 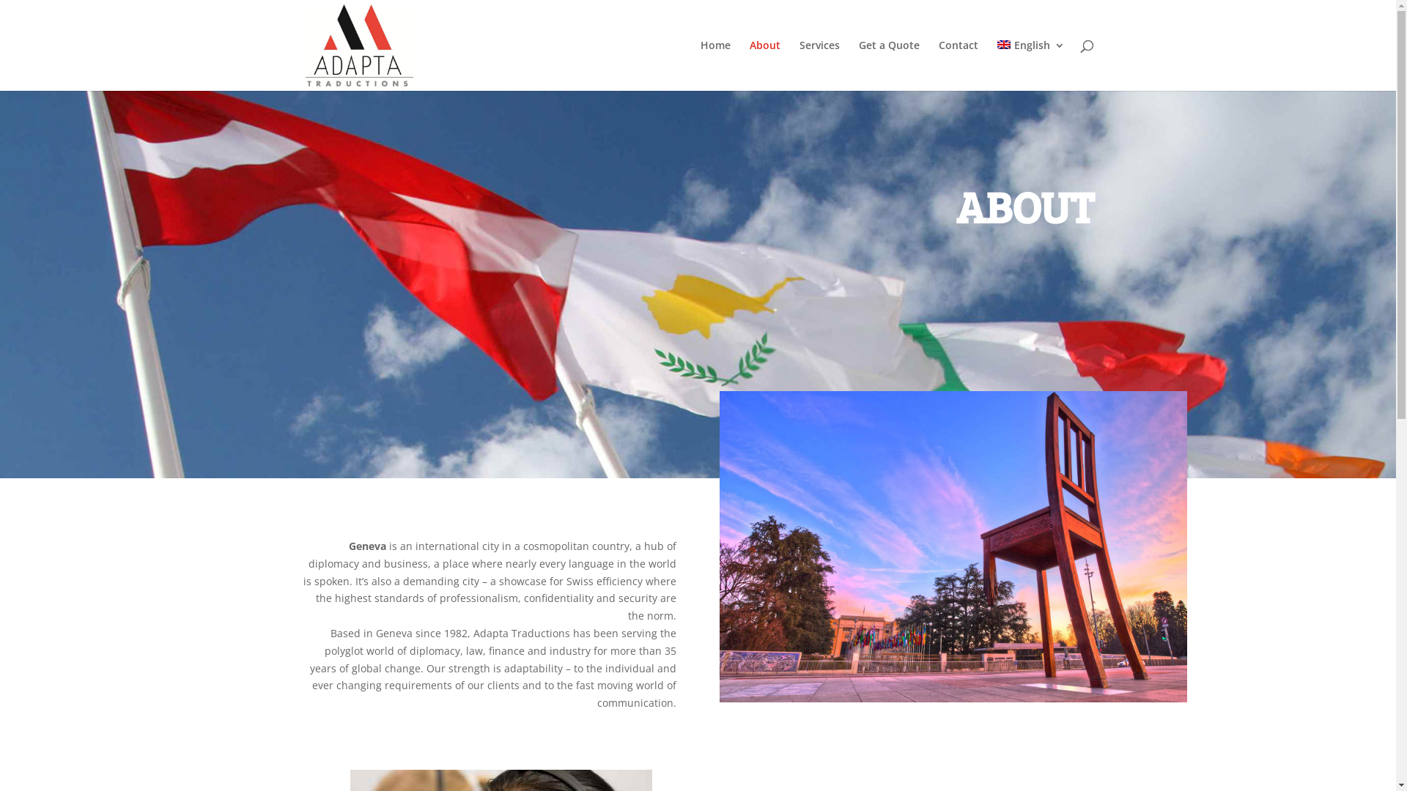 I want to click on 'Services', so click(x=819, y=64).